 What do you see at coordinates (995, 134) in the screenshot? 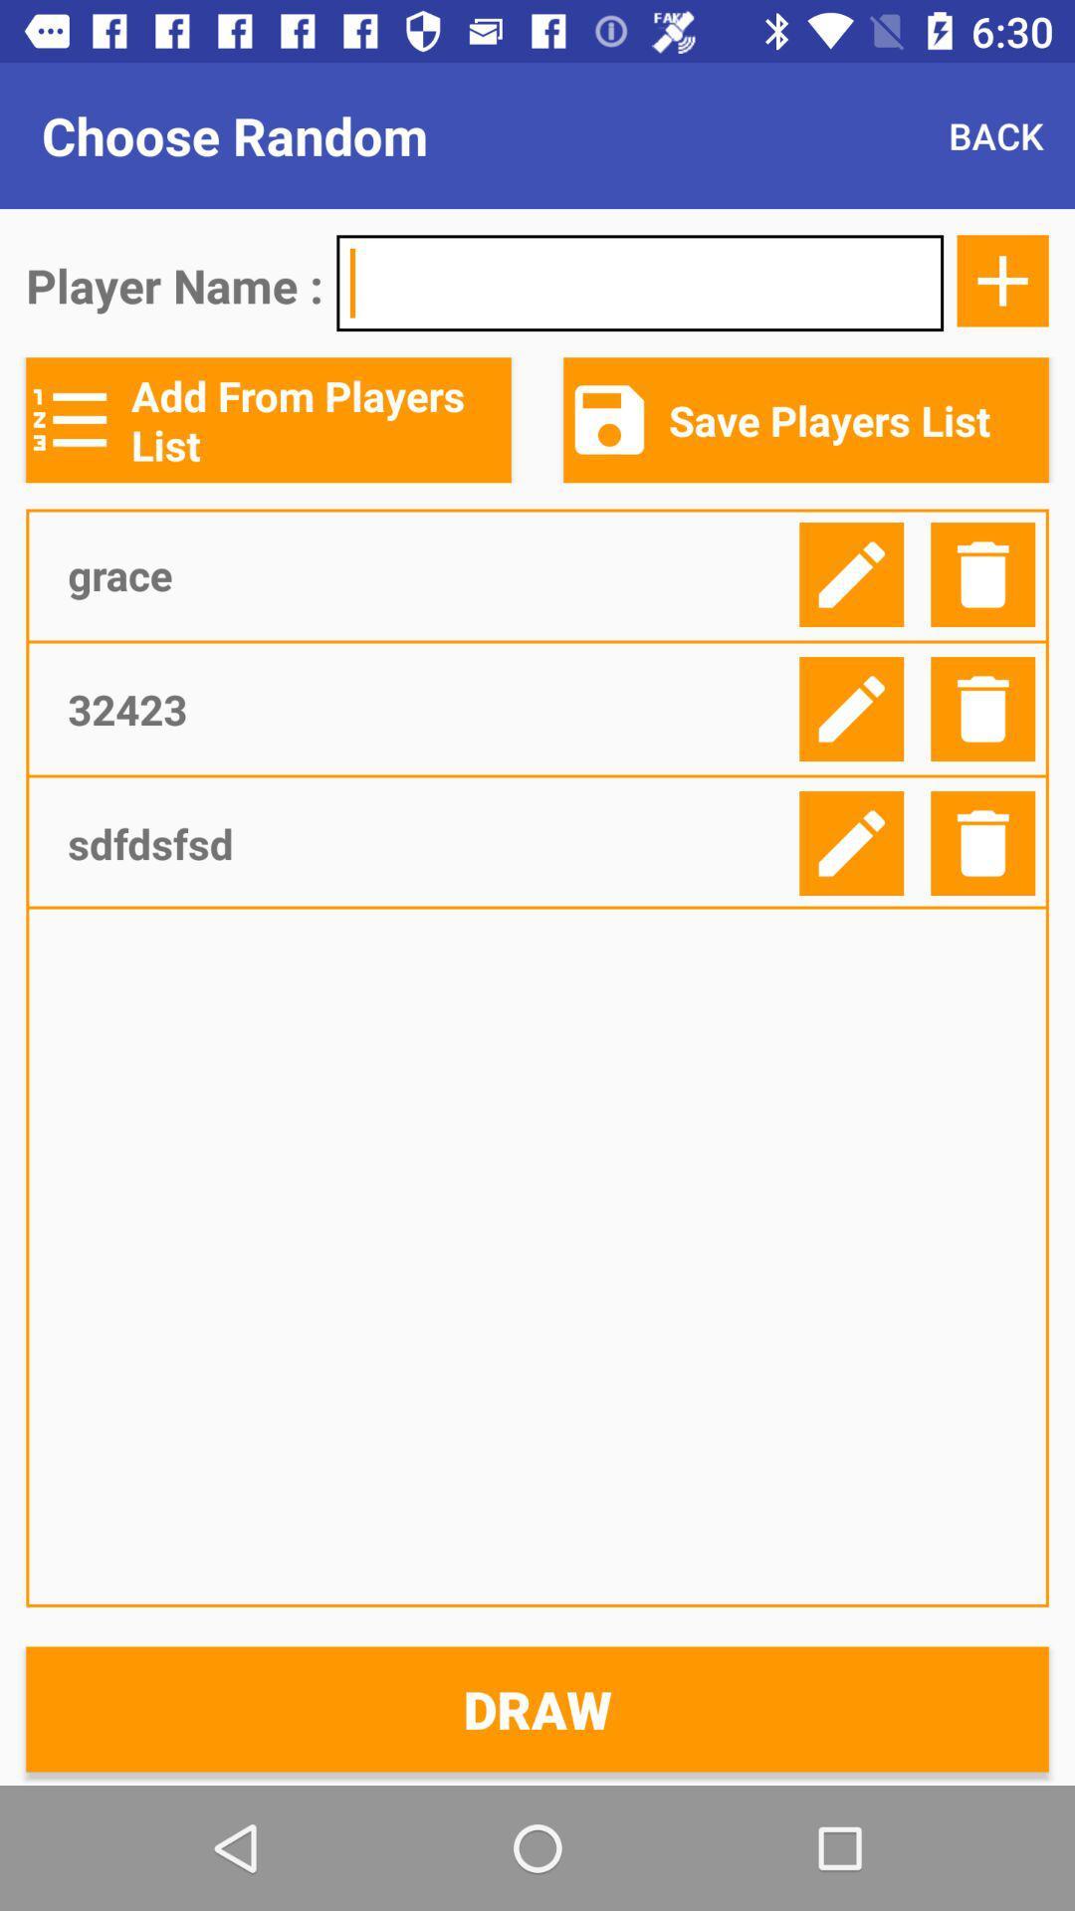
I see `back` at bounding box center [995, 134].